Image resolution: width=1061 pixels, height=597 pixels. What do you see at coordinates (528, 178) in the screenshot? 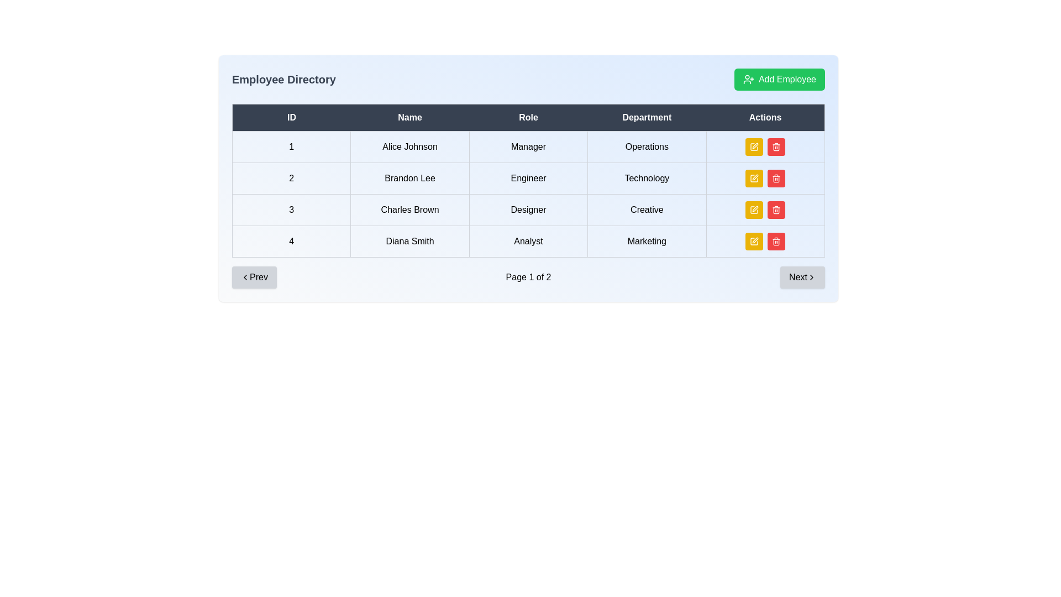
I see `the text display showing the job role 'Engineer' for the individual 'Brandon Lee' in the second row of the table under the 'Role' column` at bounding box center [528, 178].